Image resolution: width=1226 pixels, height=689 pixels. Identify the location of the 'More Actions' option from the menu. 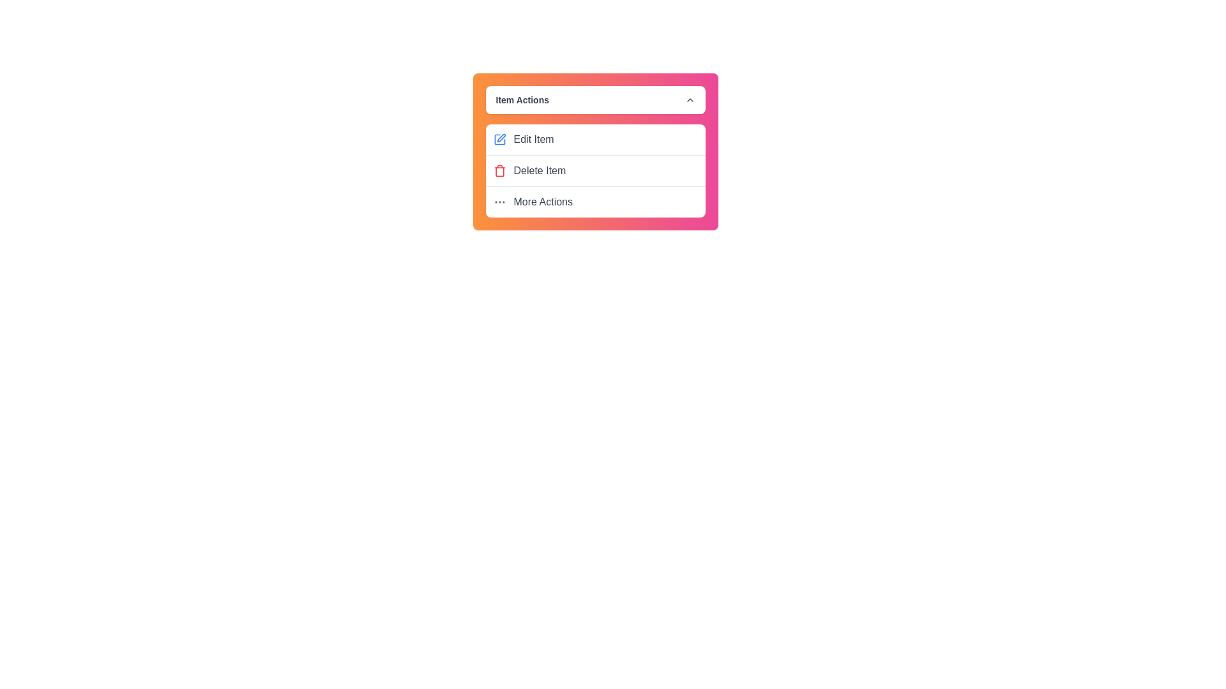
(594, 201).